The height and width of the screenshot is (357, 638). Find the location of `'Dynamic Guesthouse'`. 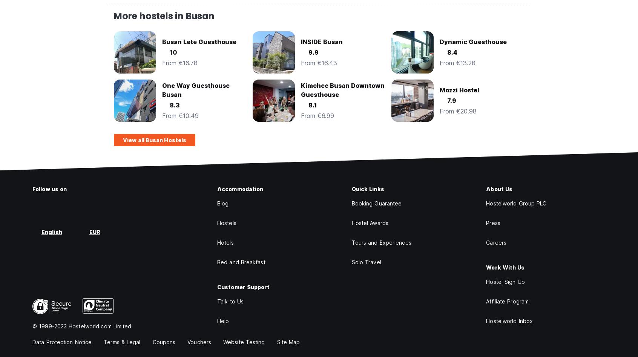

'Dynamic Guesthouse' is located at coordinates (473, 41).